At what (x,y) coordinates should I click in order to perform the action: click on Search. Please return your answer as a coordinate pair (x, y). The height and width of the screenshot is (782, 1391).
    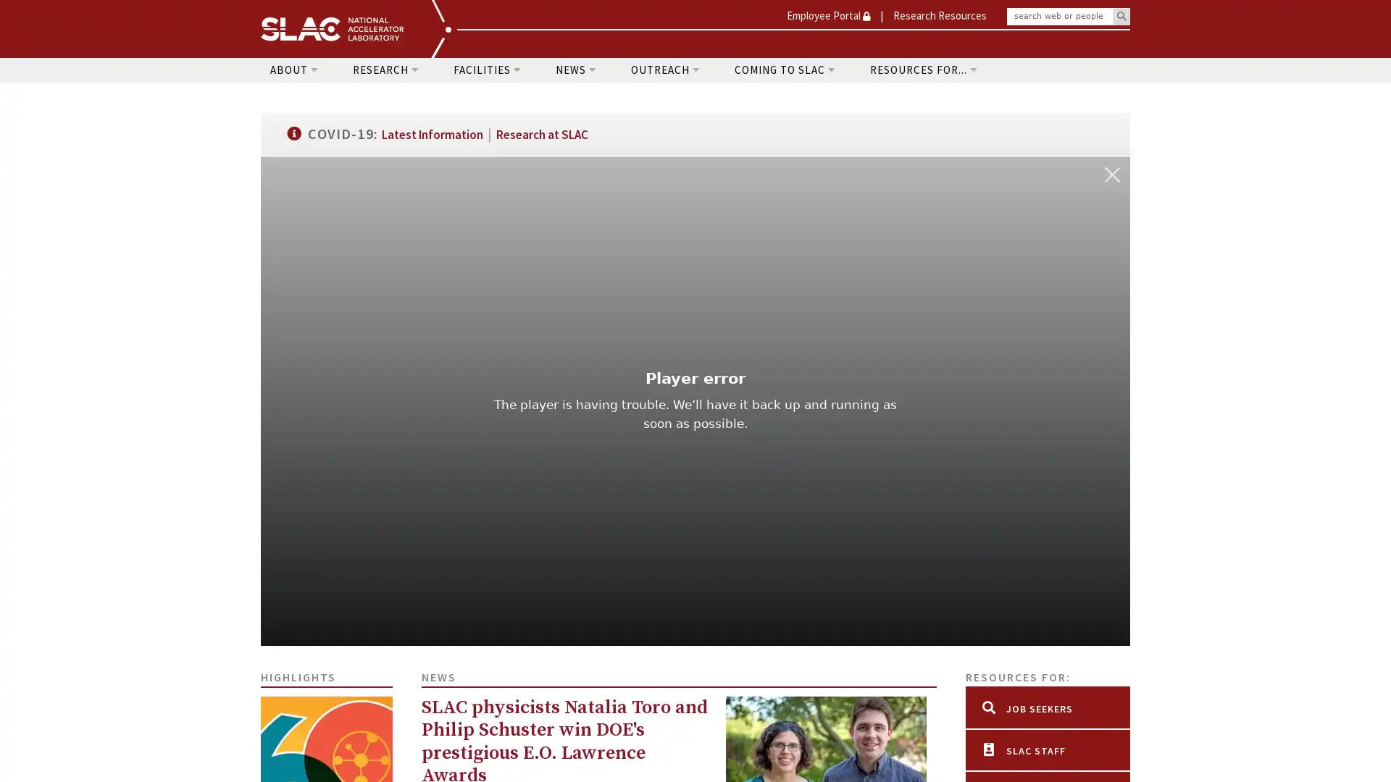
    Looking at the image, I should click on (1121, 17).